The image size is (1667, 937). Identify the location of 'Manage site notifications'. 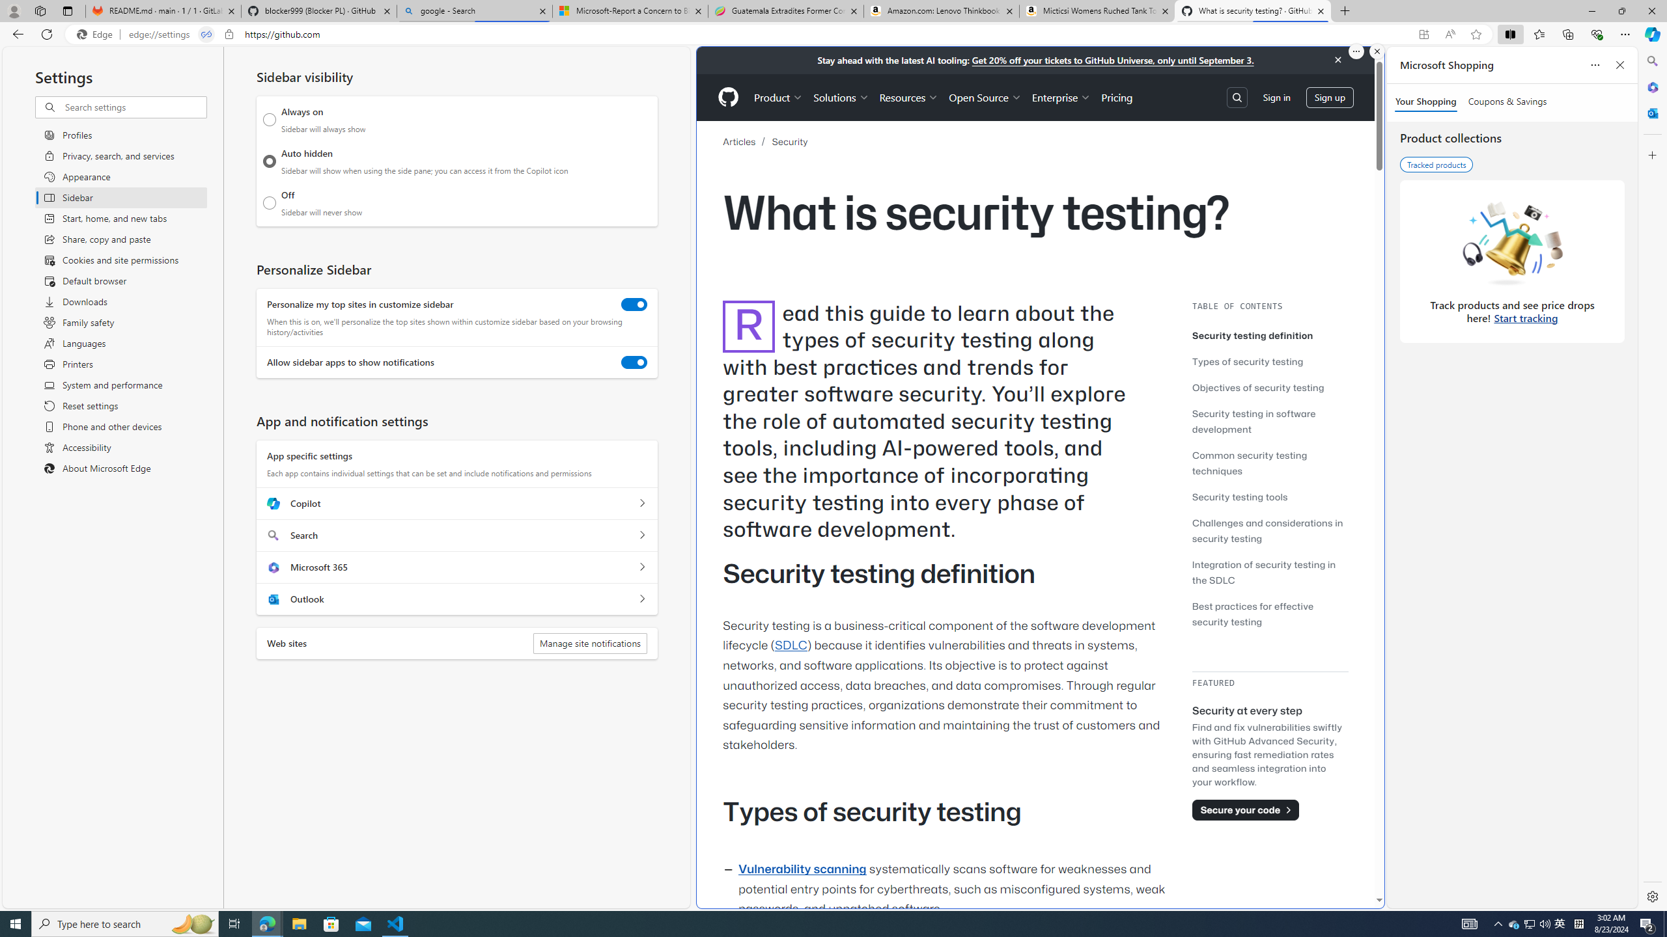
(589, 643).